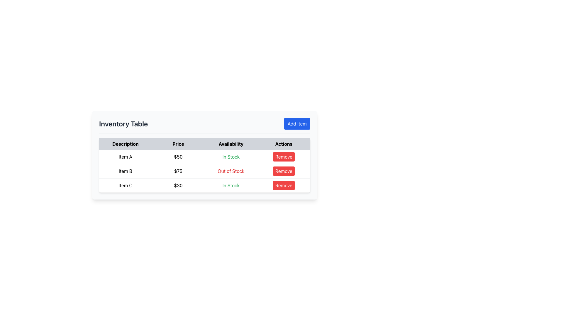  I want to click on the rectangular button labeled 'Remove' with a red background located in the 'Actions' column of the last row for 'Item C', so click(284, 185).